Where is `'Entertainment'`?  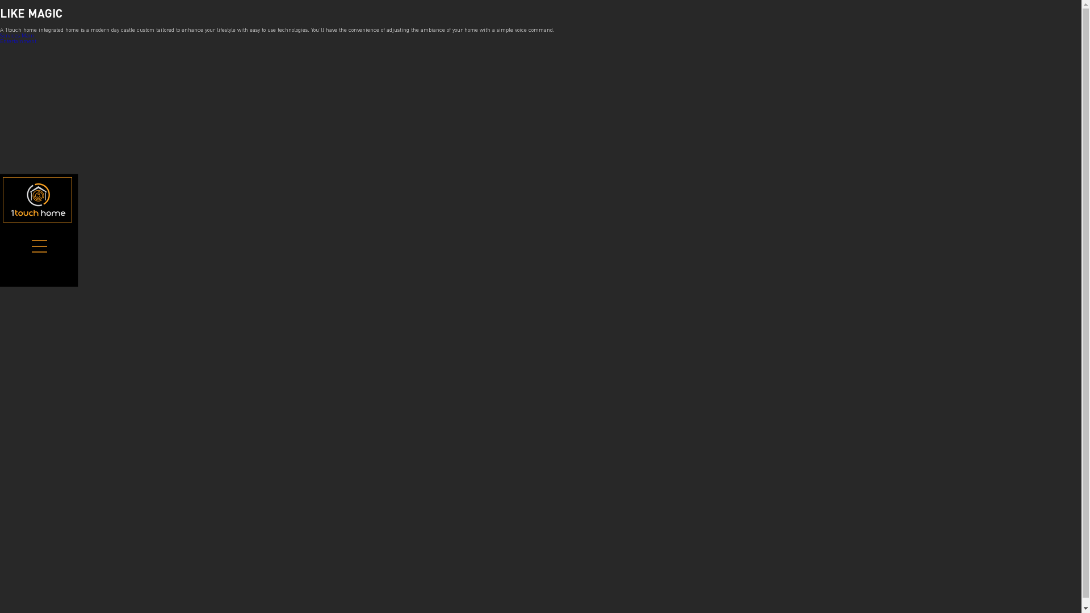
'Entertainment' is located at coordinates (18, 40).